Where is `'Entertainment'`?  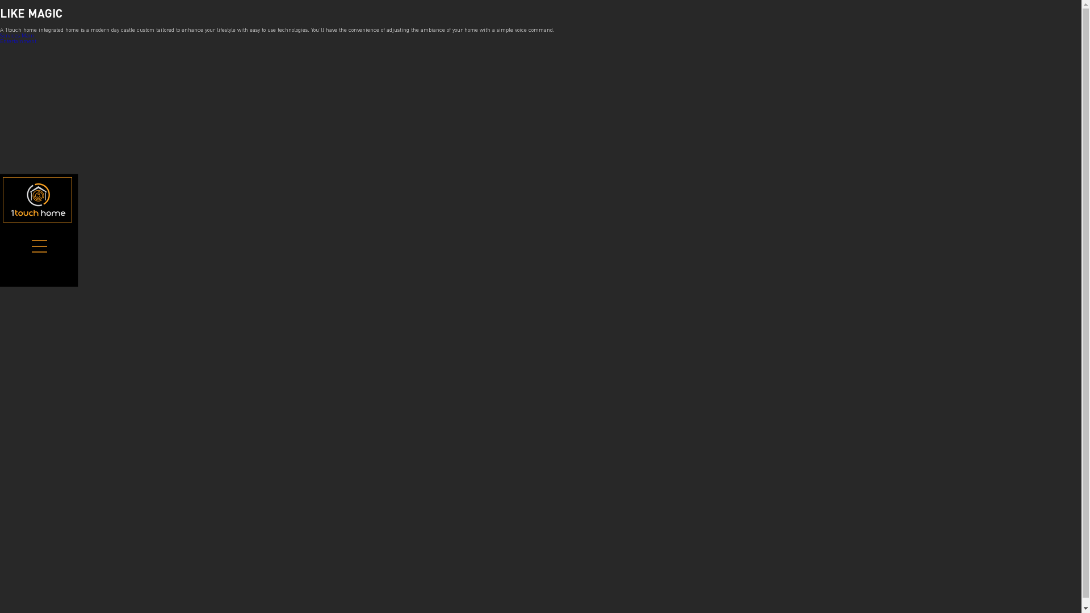
'Entertainment' is located at coordinates (18, 40).